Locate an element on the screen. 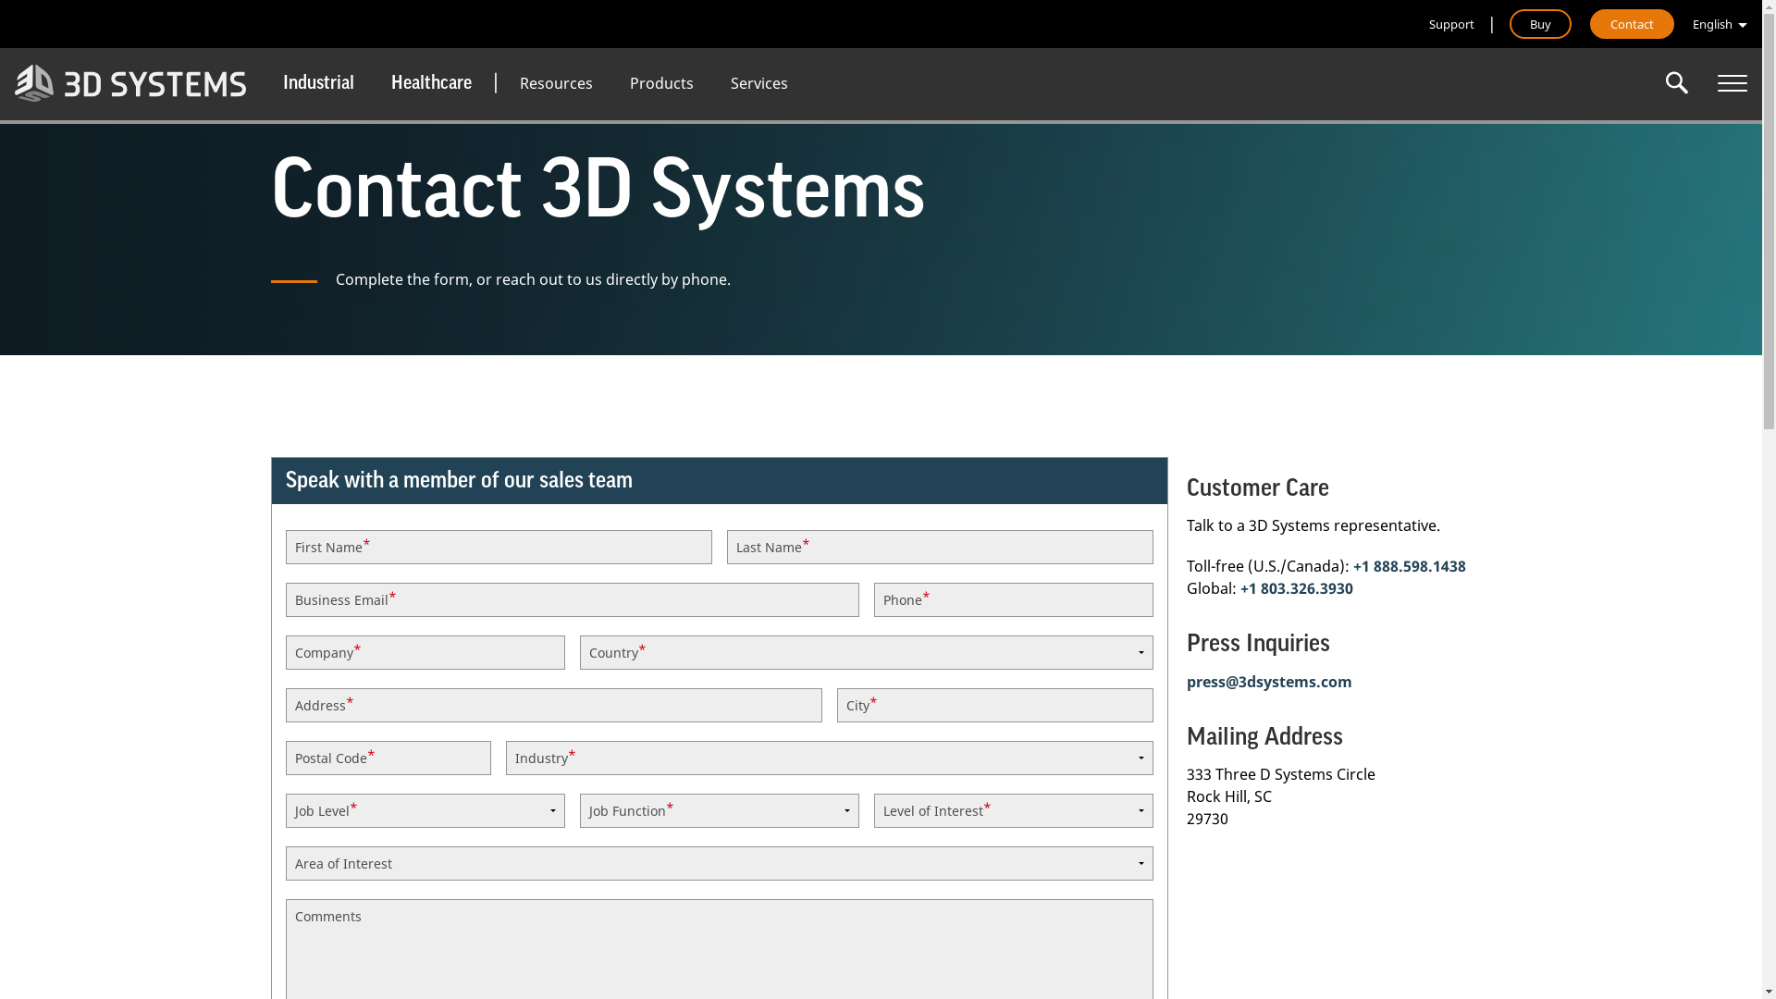 The image size is (1776, 999). '+1 803.326.3930' is located at coordinates (1295, 588).